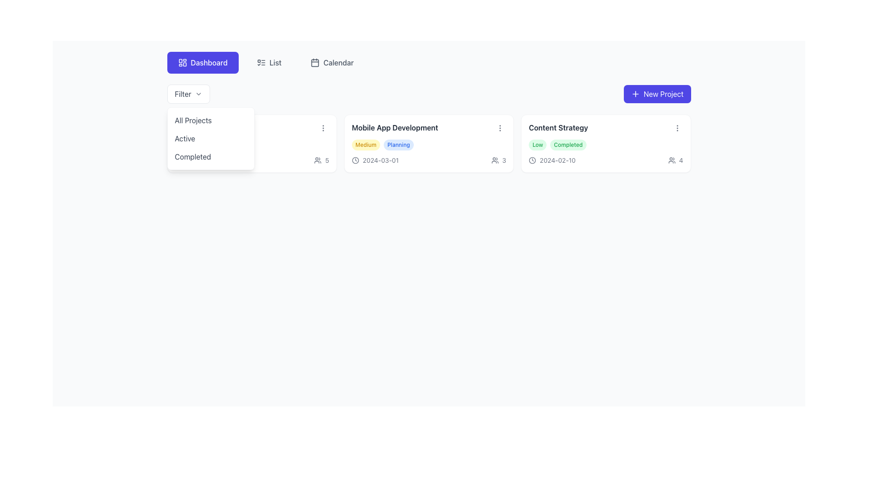 The width and height of the screenshot is (873, 491). What do you see at coordinates (657, 94) in the screenshot?
I see `the button located in the top-right corner of the interface` at bounding box center [657, 94].